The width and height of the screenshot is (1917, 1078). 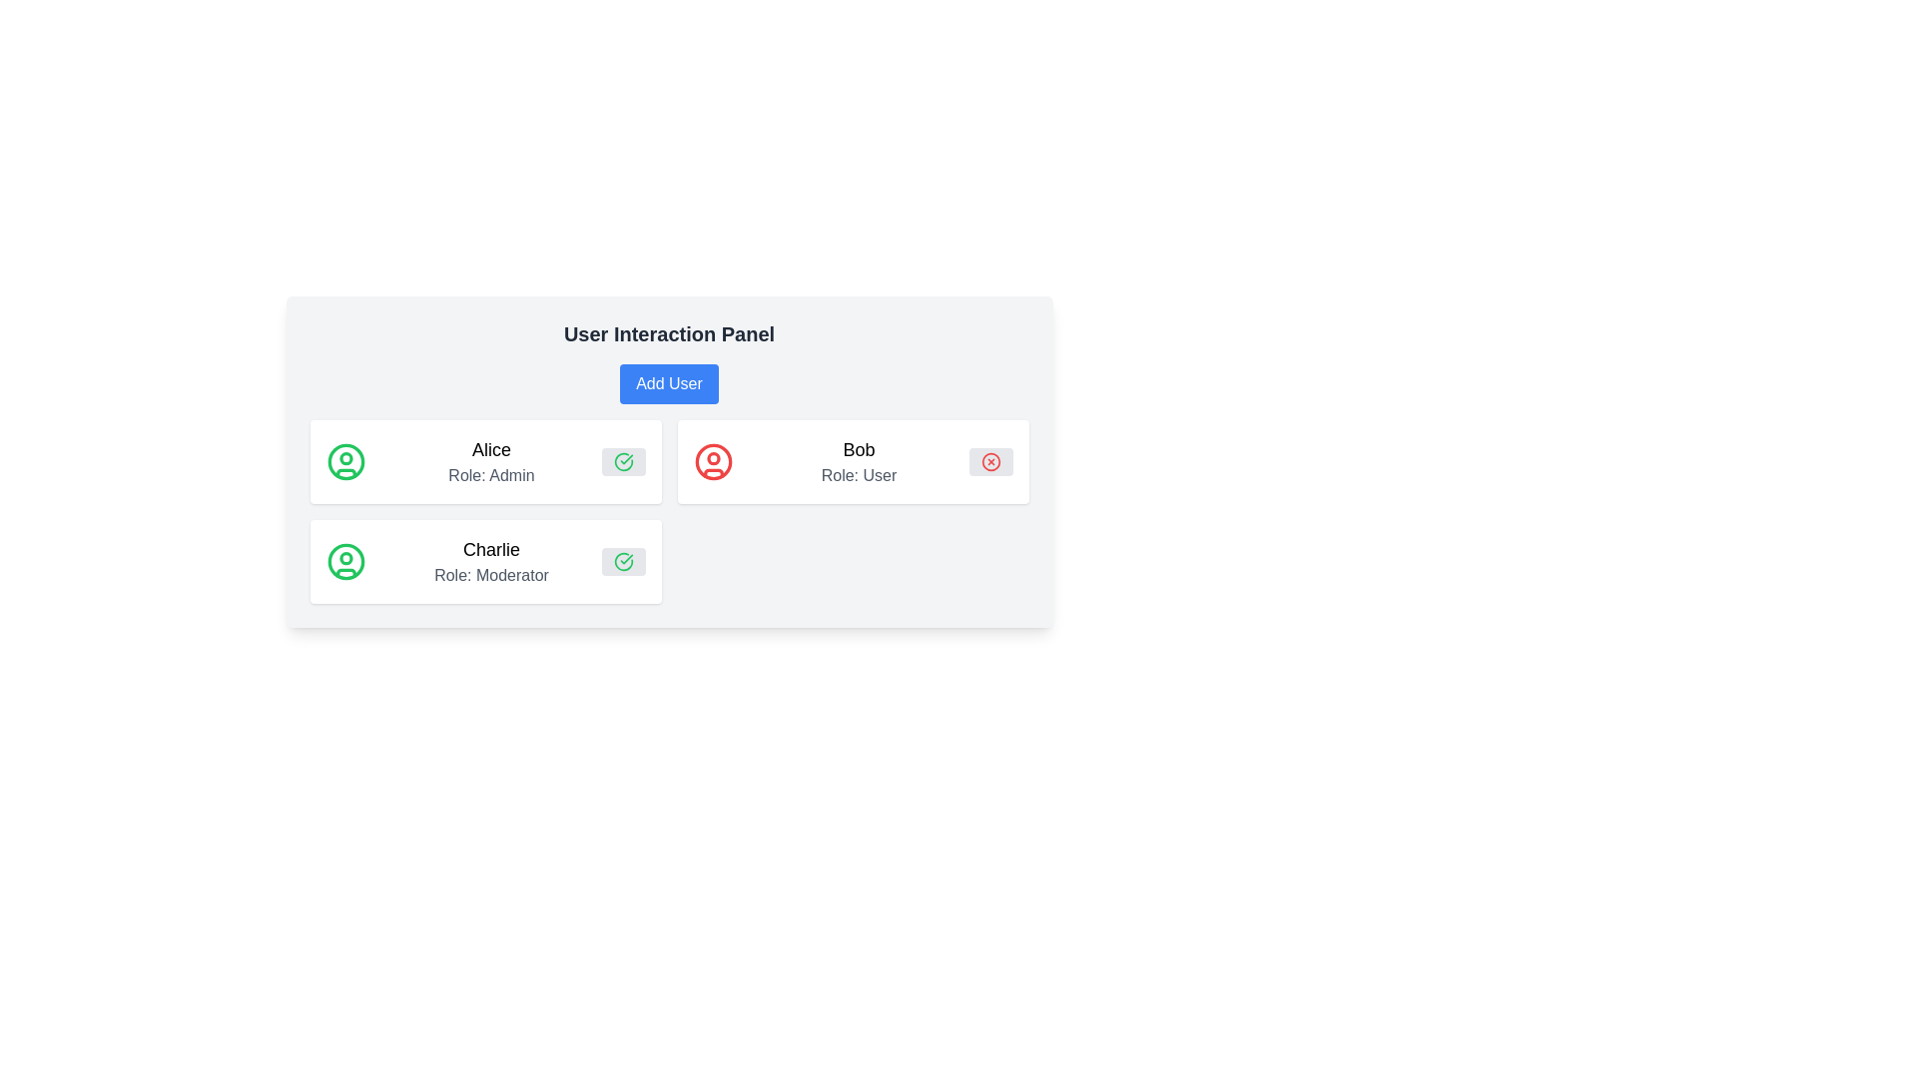 What do you see at coordinates (622, 461) in the screenshot?
I see `the icon resembling a circle with a checkmark inside it, styled with a 'currentColor' stroke and a green color, located in the bottom-right corner of the card labeled 'Charlie Role: Moderator'` at bounding box center [622, 461].